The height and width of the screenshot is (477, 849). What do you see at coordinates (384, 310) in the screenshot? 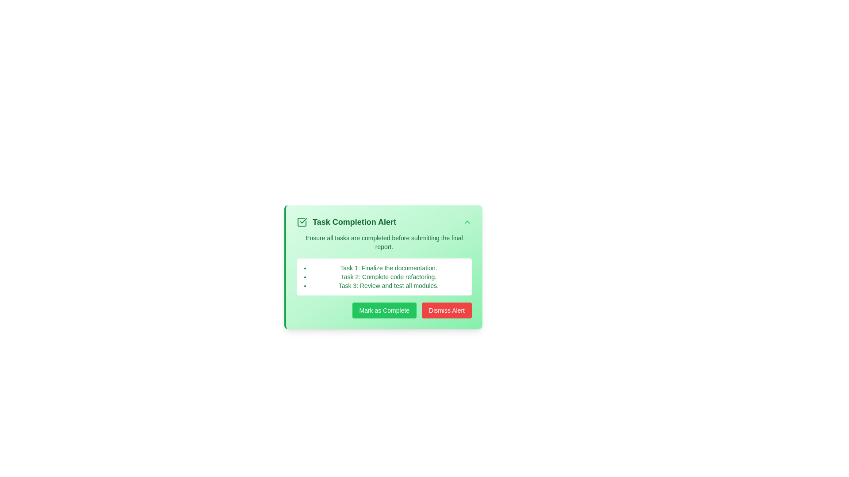
I see `the 'Mark as Complete' button to mark the task alert as complete` at bounding box center [384, 310].